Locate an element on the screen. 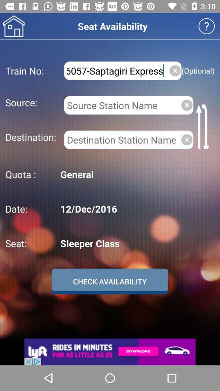  destination station name is located at coordinates (120, 140).